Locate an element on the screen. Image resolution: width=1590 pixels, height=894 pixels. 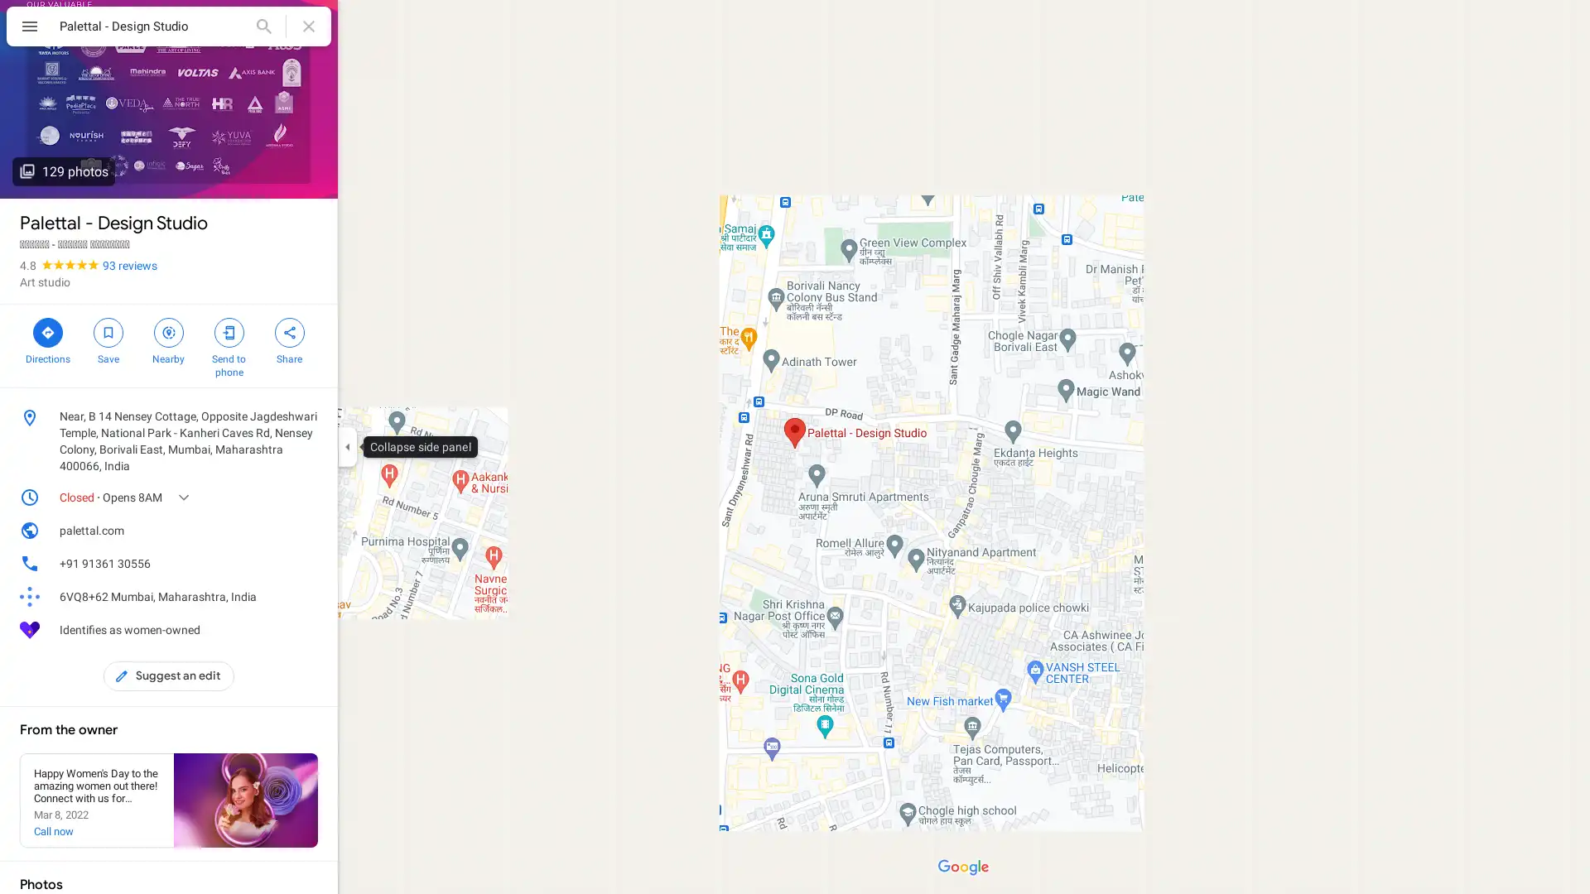
93 reviews is located at coordinates (129, 264).